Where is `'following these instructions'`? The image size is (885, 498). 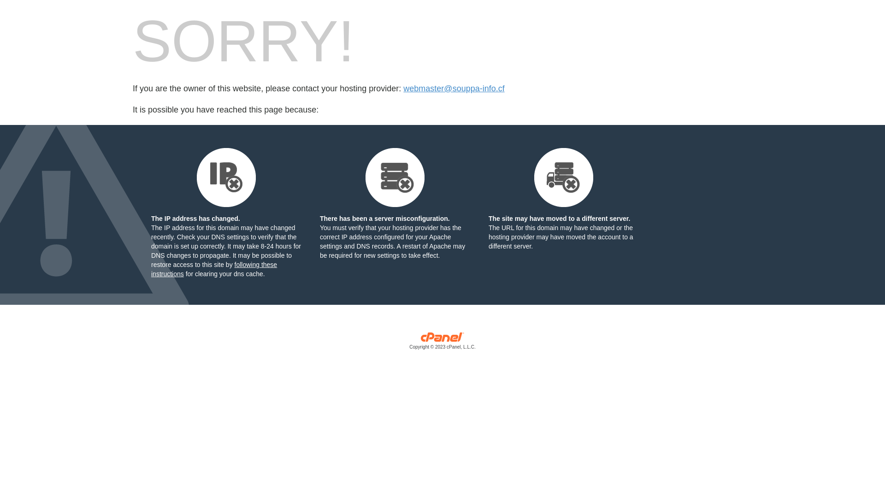 'following these instructions' is located at coordinates (213, 269).